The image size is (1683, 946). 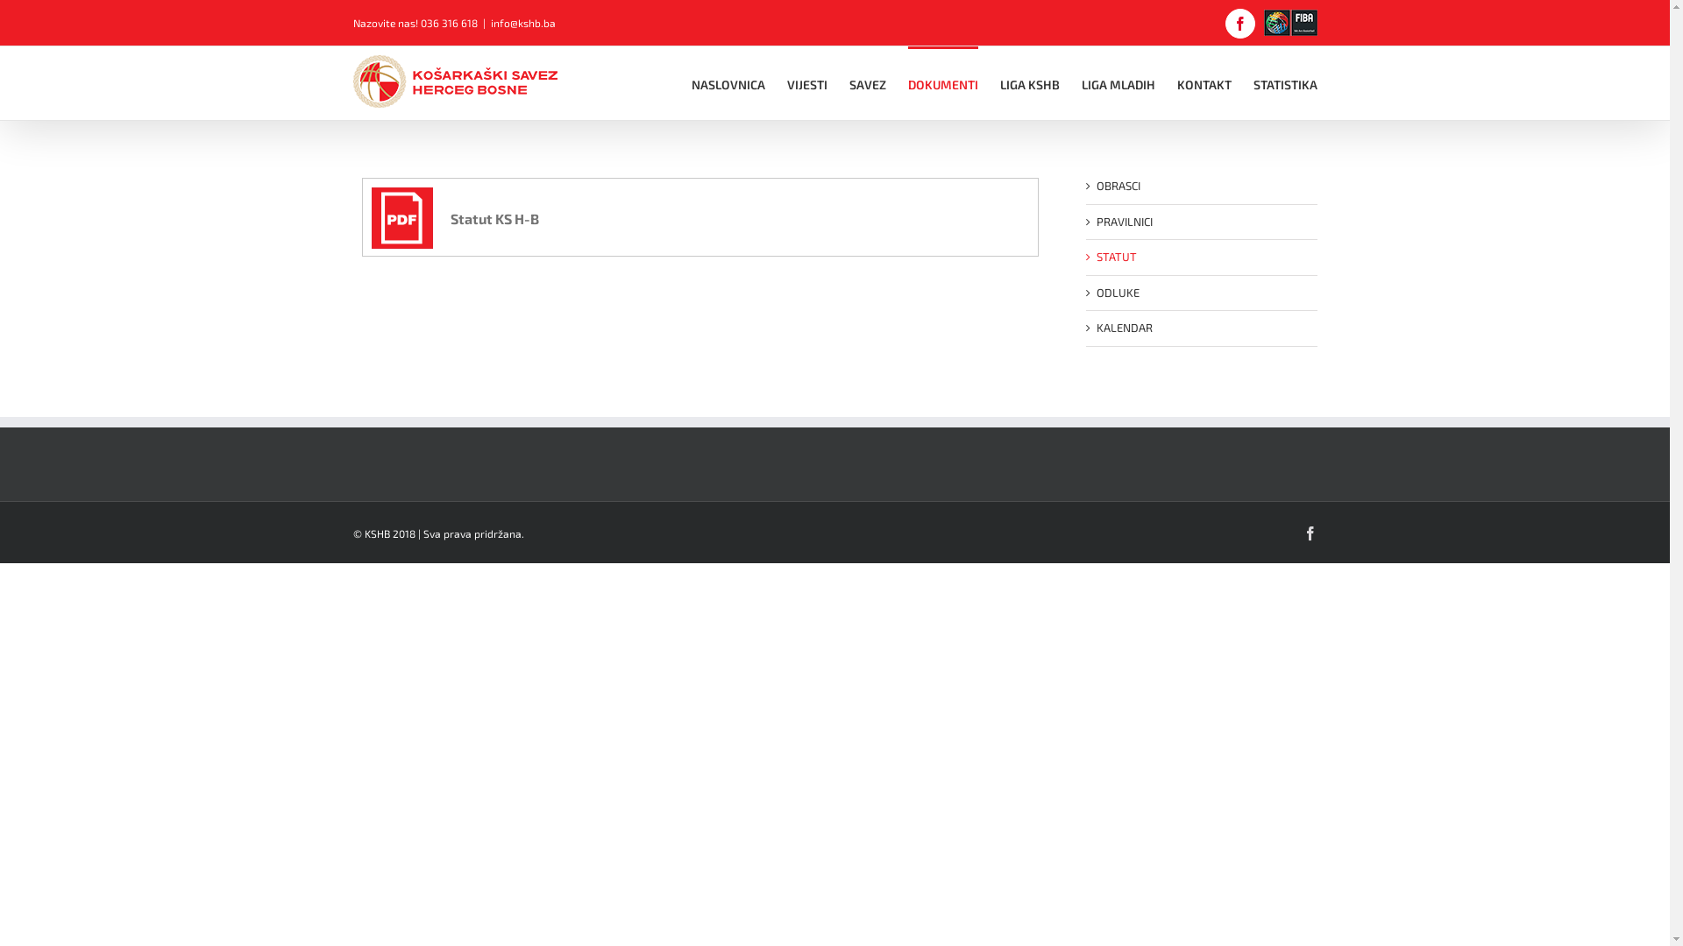 I want to click on 'VIJESTI', so click(x=806, y=83).